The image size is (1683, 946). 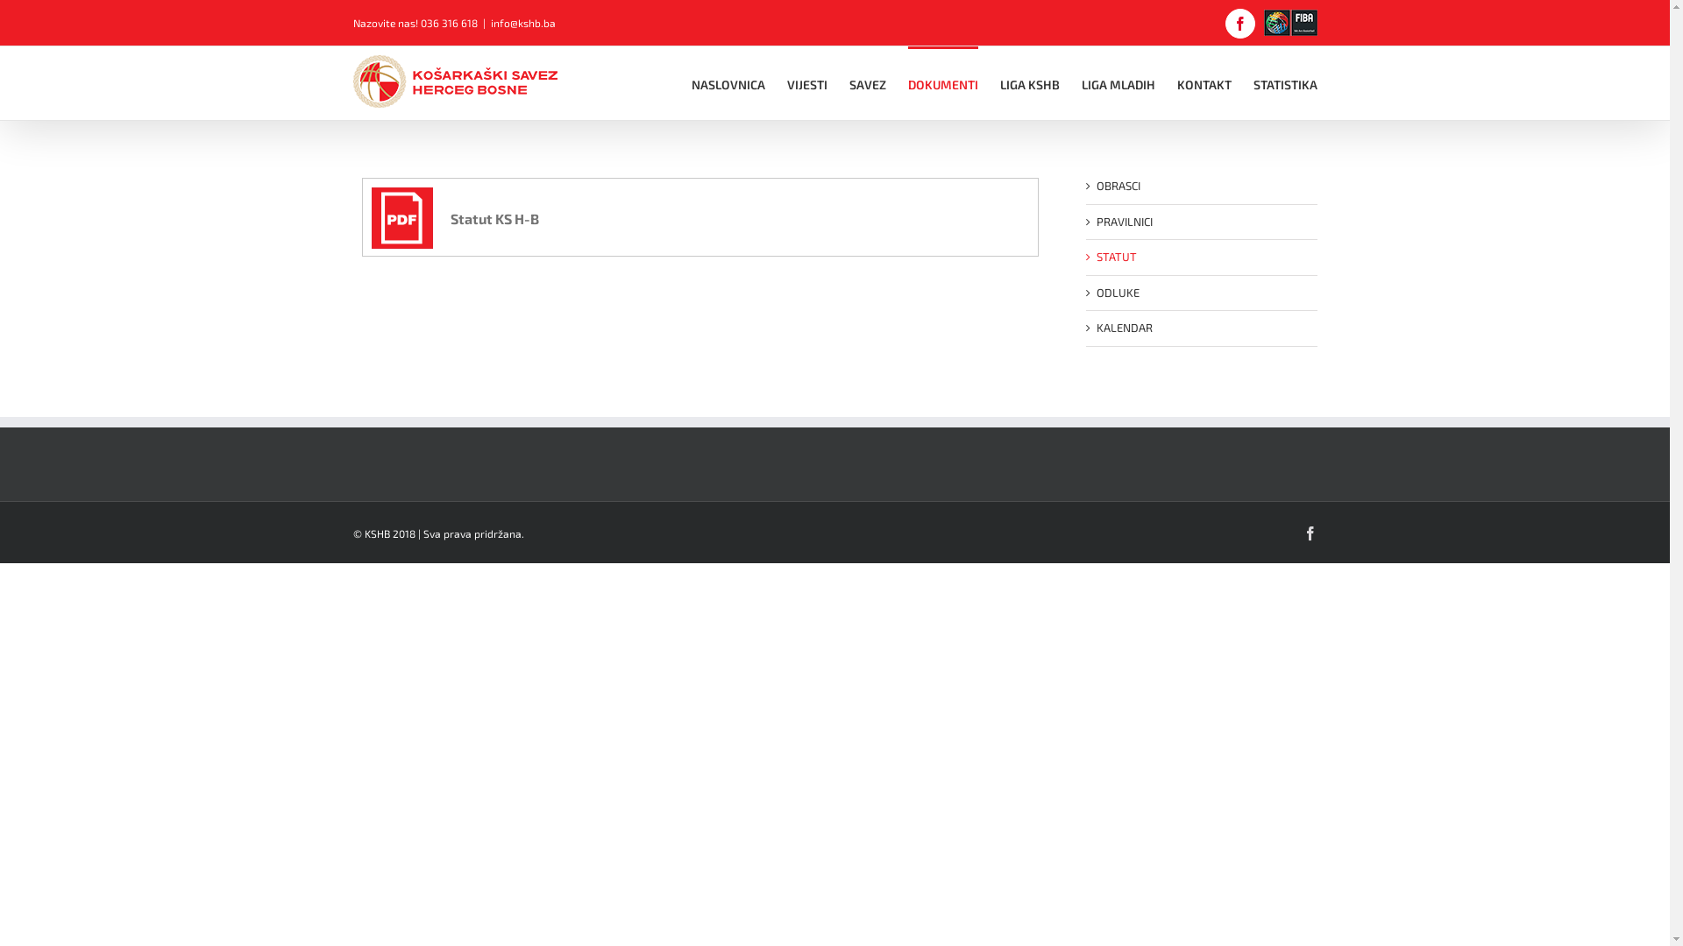 I want to click on 'VIJESTI', so click(x=806, y=83).